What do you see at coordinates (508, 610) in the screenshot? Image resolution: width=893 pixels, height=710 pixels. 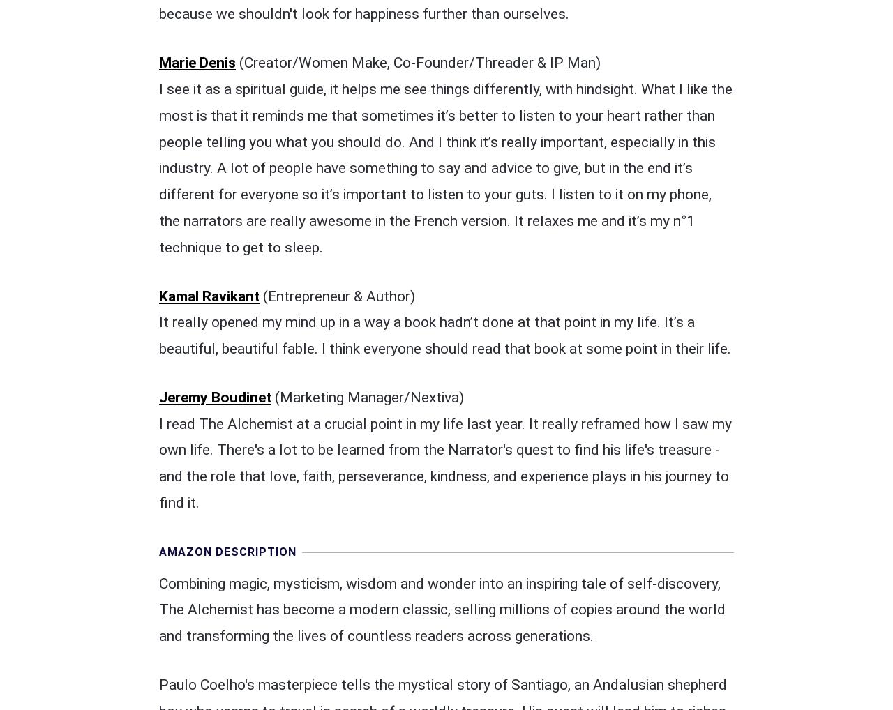 I see `'Book Depository'` at bounding box center [508, 610].